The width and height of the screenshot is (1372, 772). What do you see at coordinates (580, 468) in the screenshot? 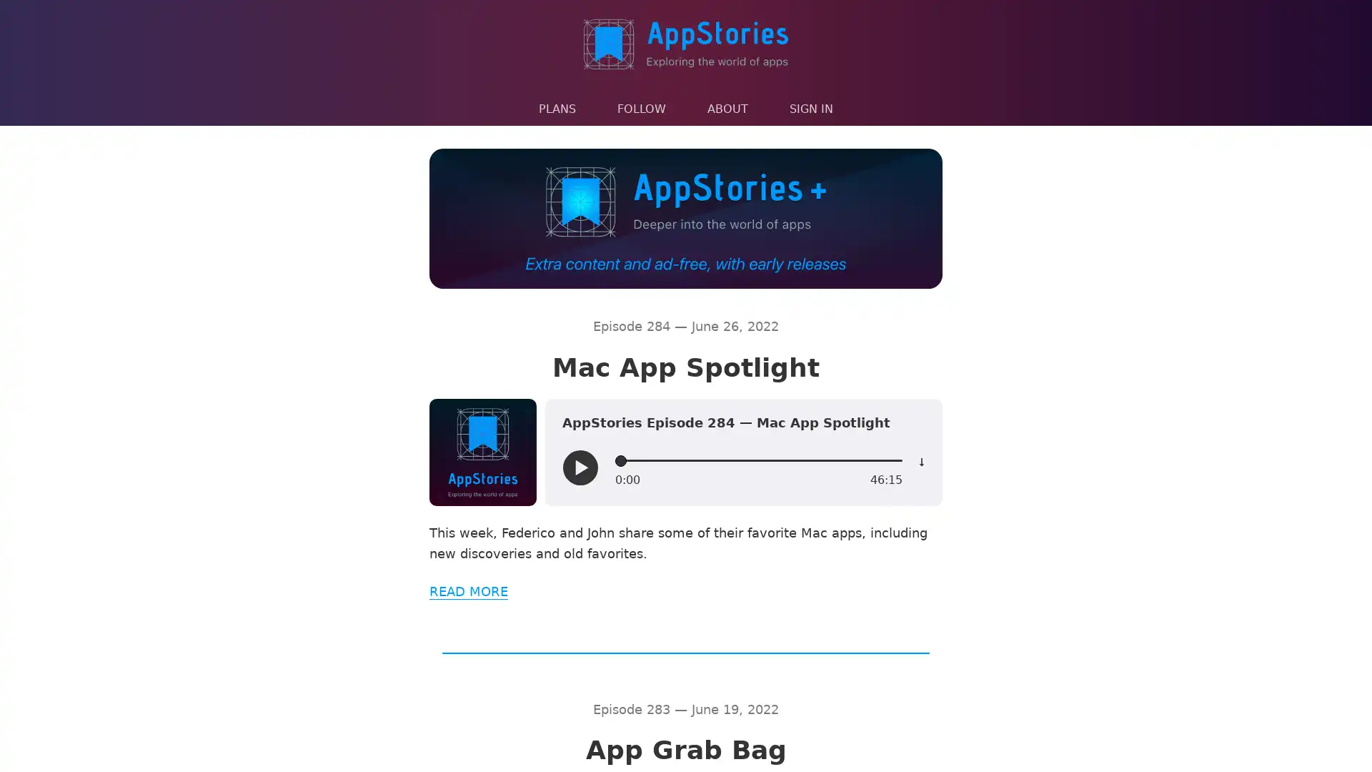
I see `Play` at bounding box center [580, 468].